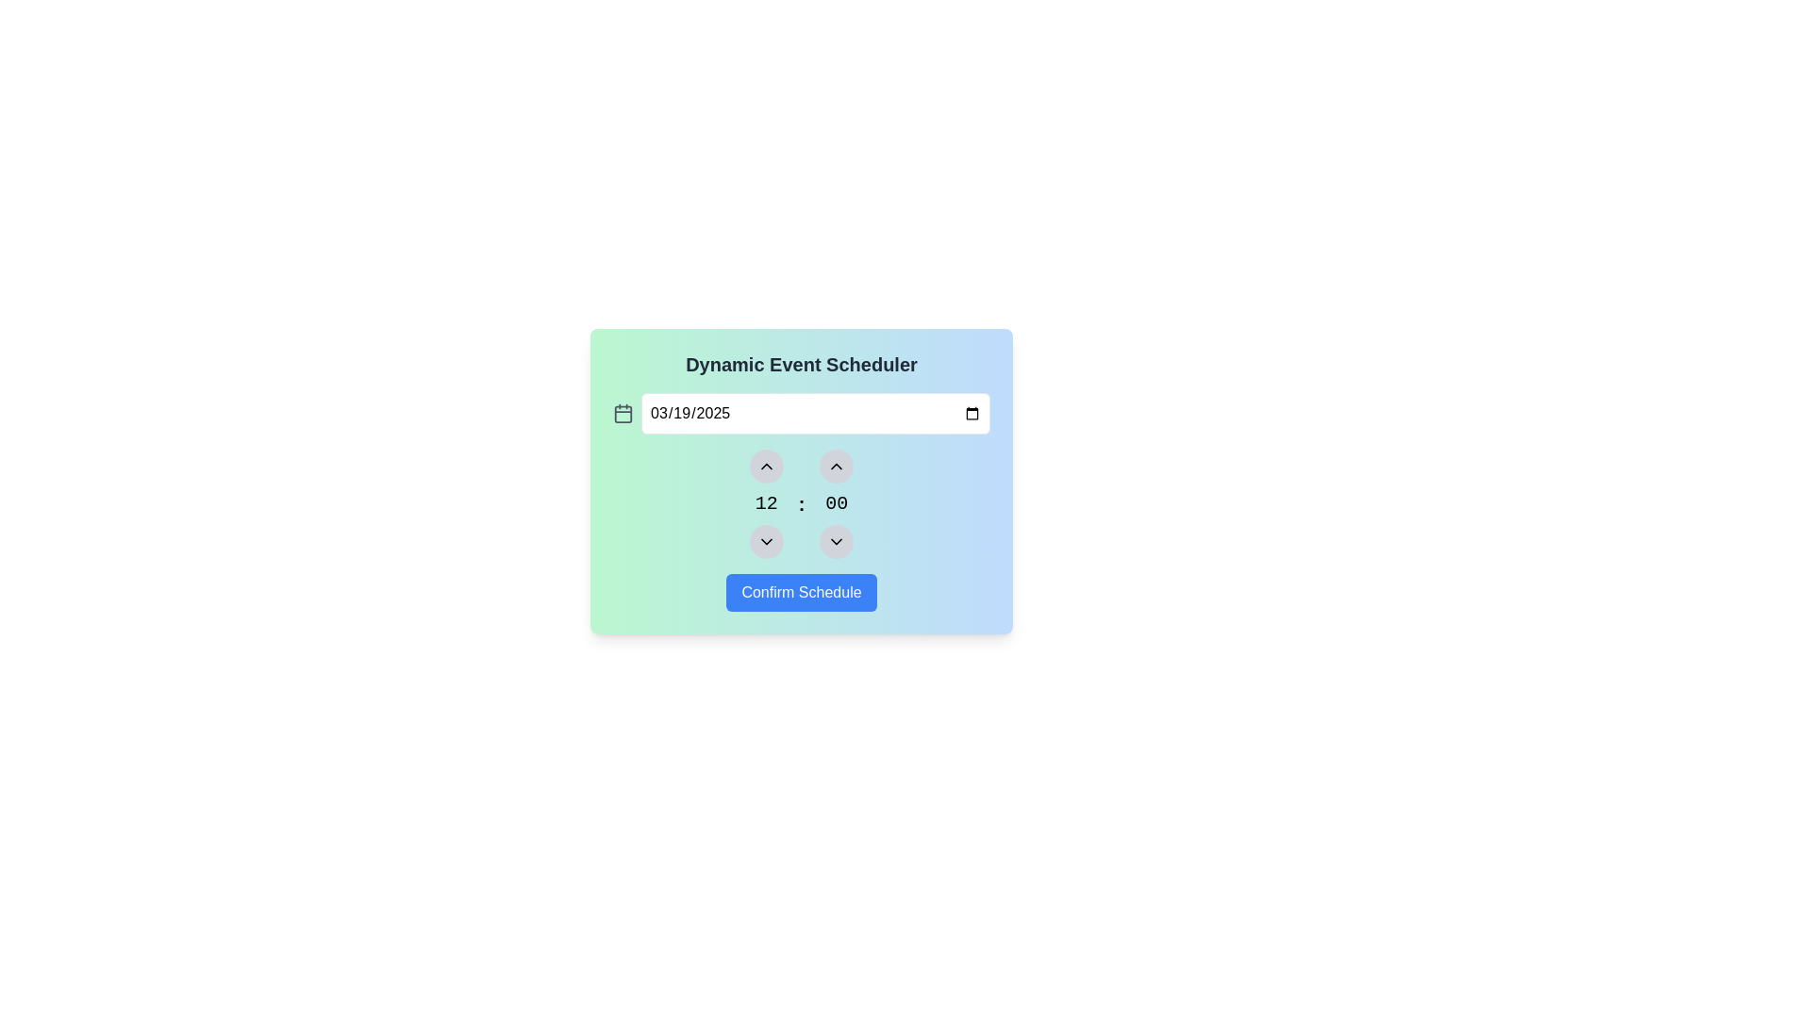 The height and width of the screenshot is (1018, 1811). Describe the element at coordinates (766, 503) in the screenshot. I see `the text display component that shows the value '12', which is styled in a larger monospaced font and is positioned between two circular buttons with arrow icons` at that location.